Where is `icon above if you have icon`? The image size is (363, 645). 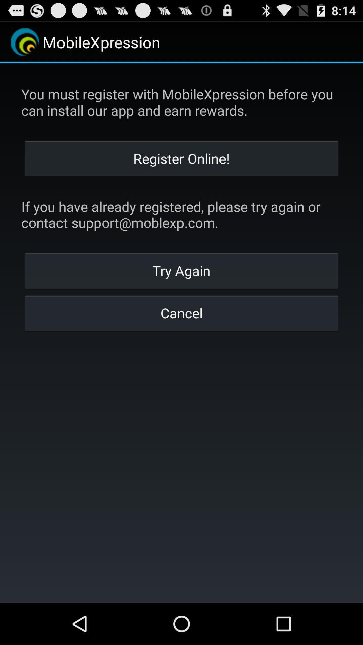 icon above if you have icon is located at coordinates (182, 158).